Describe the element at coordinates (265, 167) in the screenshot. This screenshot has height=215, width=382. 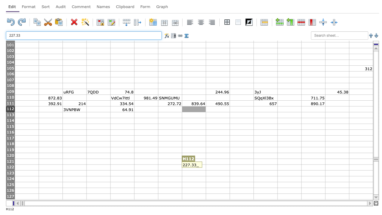
I see `Cell K-122` at that location.